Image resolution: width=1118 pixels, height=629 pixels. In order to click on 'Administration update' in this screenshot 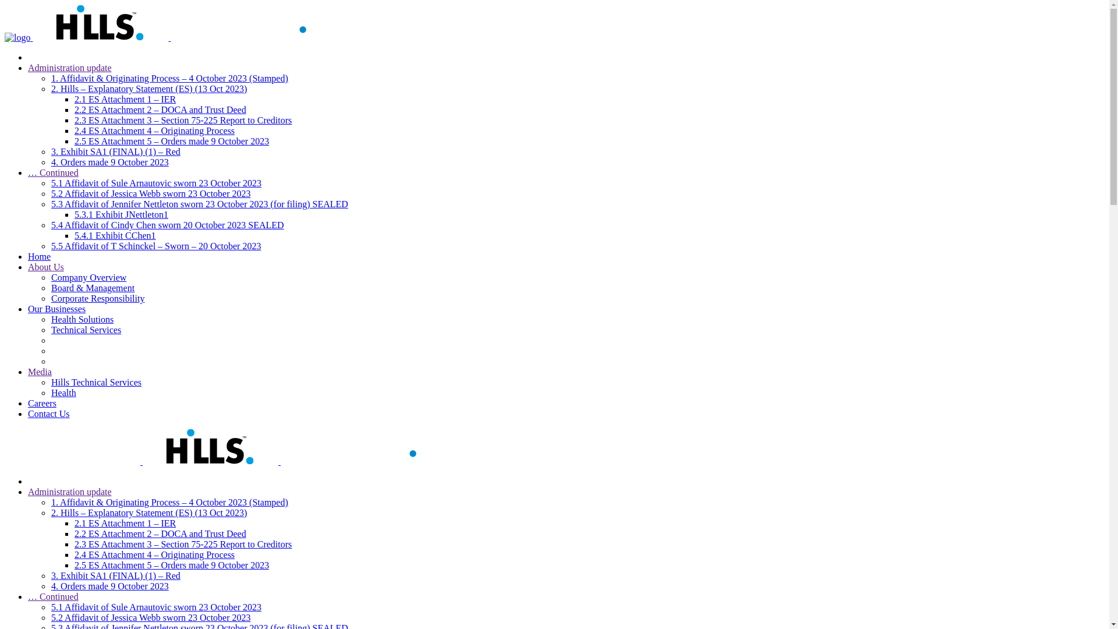, I will do `click(28, 492)`.